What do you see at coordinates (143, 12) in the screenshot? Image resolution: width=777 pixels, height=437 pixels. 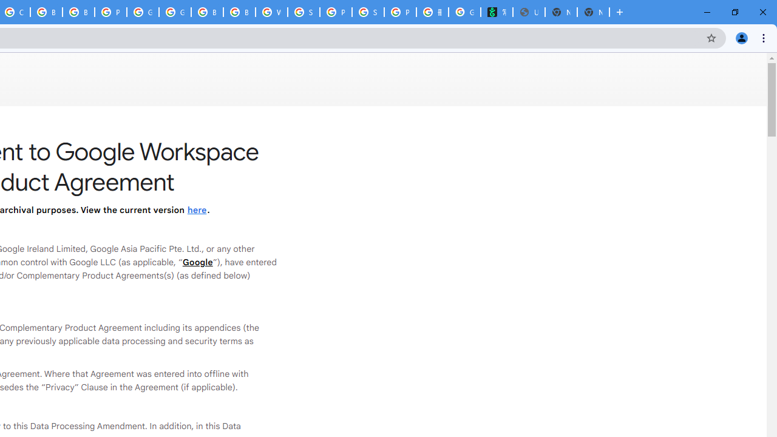 I see `'Google Cloud Platform'` at bounding box center [143, 12].